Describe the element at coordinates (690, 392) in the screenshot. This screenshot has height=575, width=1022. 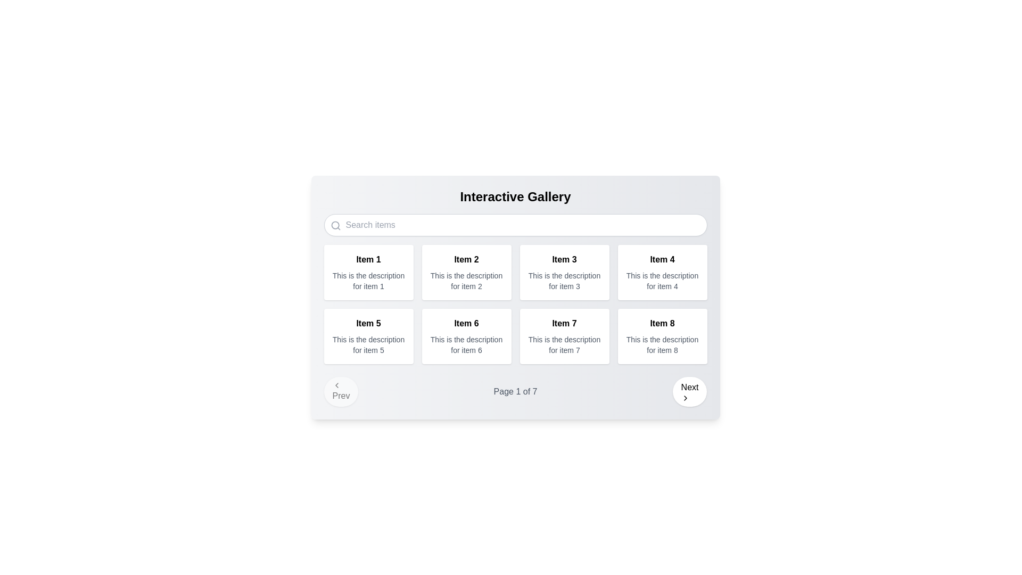
I see `the circular 'Next' button with a rightward arrow icon, located at the bottom-right corner of the interface` at that location.